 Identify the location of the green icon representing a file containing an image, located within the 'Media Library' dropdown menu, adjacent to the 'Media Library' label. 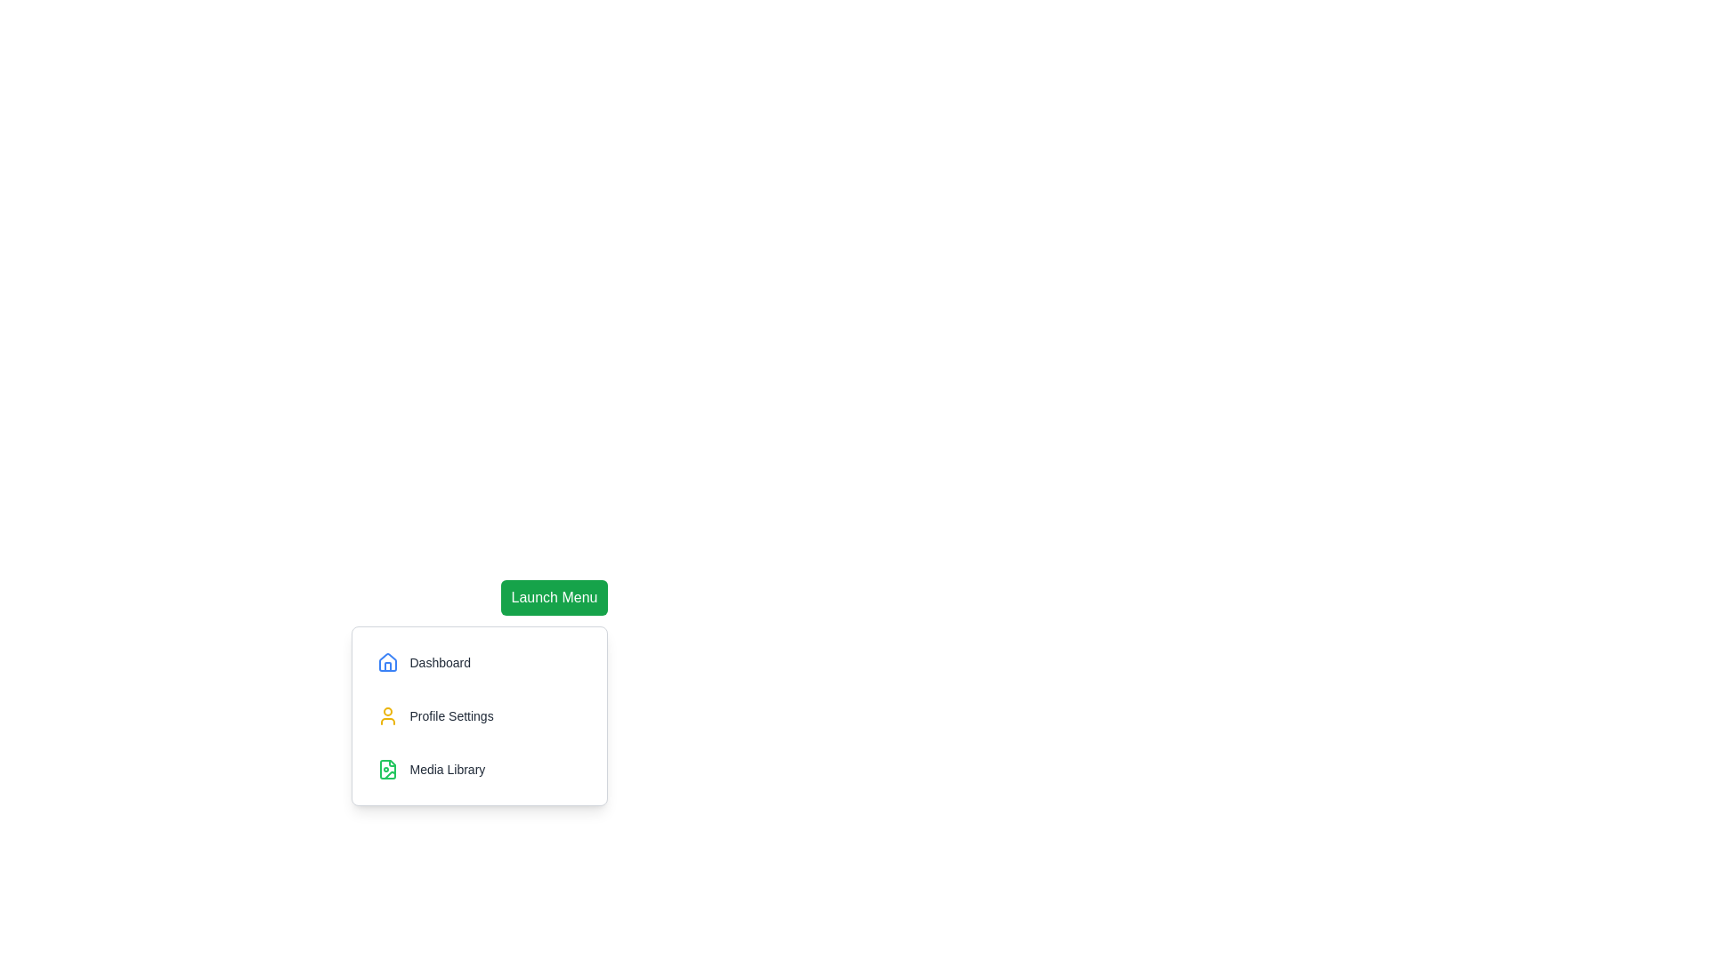
(387, 768).